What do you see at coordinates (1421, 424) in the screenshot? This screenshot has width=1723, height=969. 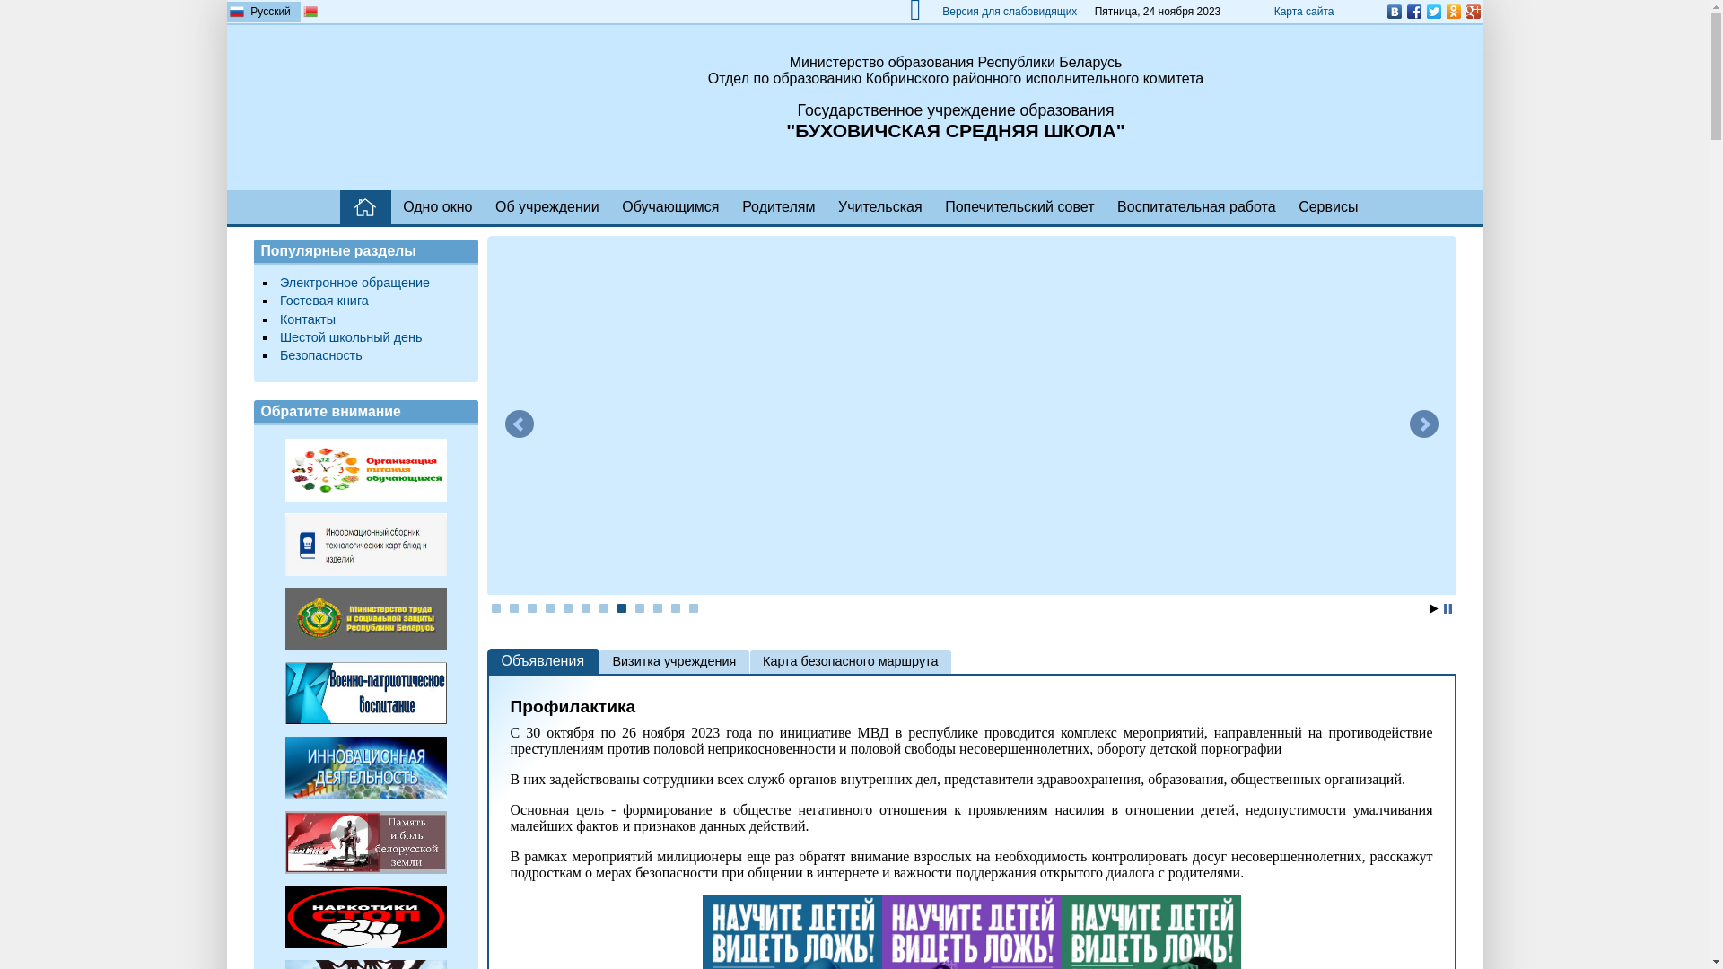 I see `'Next'` at bounding box center [1421, 424].